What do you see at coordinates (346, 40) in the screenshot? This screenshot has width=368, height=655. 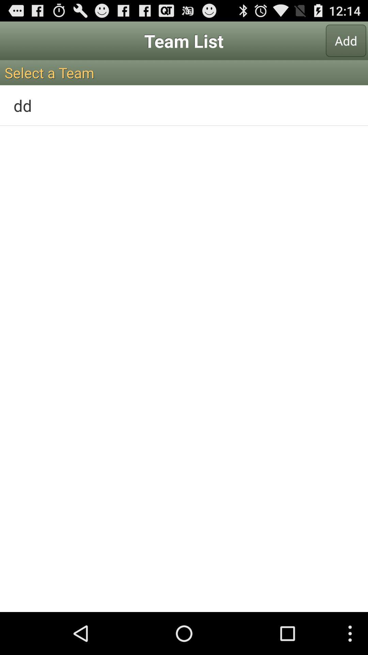 I see `the app next to team list app` at bounding box center [346, 40].